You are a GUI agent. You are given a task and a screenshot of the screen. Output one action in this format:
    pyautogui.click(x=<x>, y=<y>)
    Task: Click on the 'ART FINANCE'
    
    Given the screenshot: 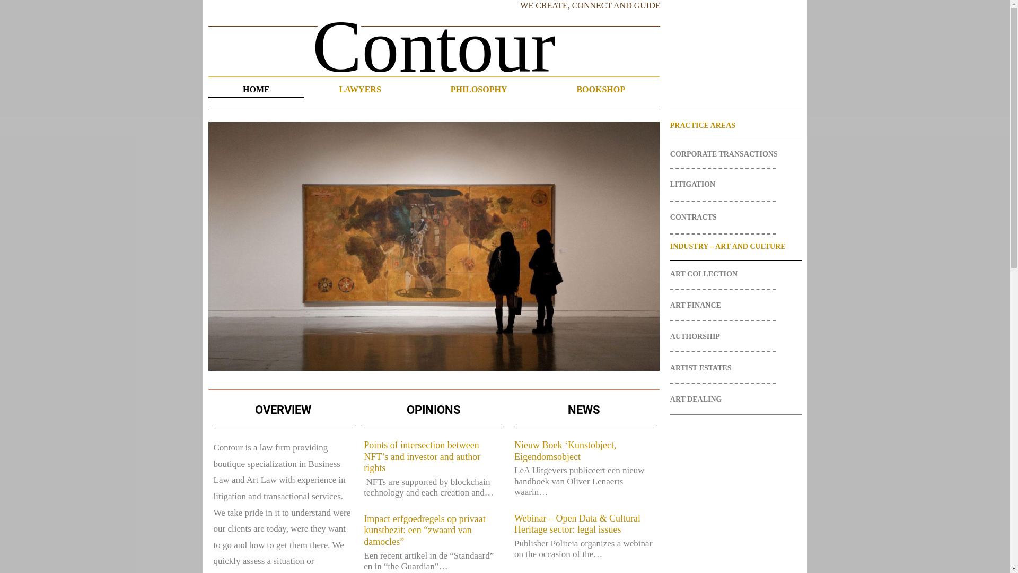 What is the action you would take?
    pyautogui.click(x=735, y=305)
    